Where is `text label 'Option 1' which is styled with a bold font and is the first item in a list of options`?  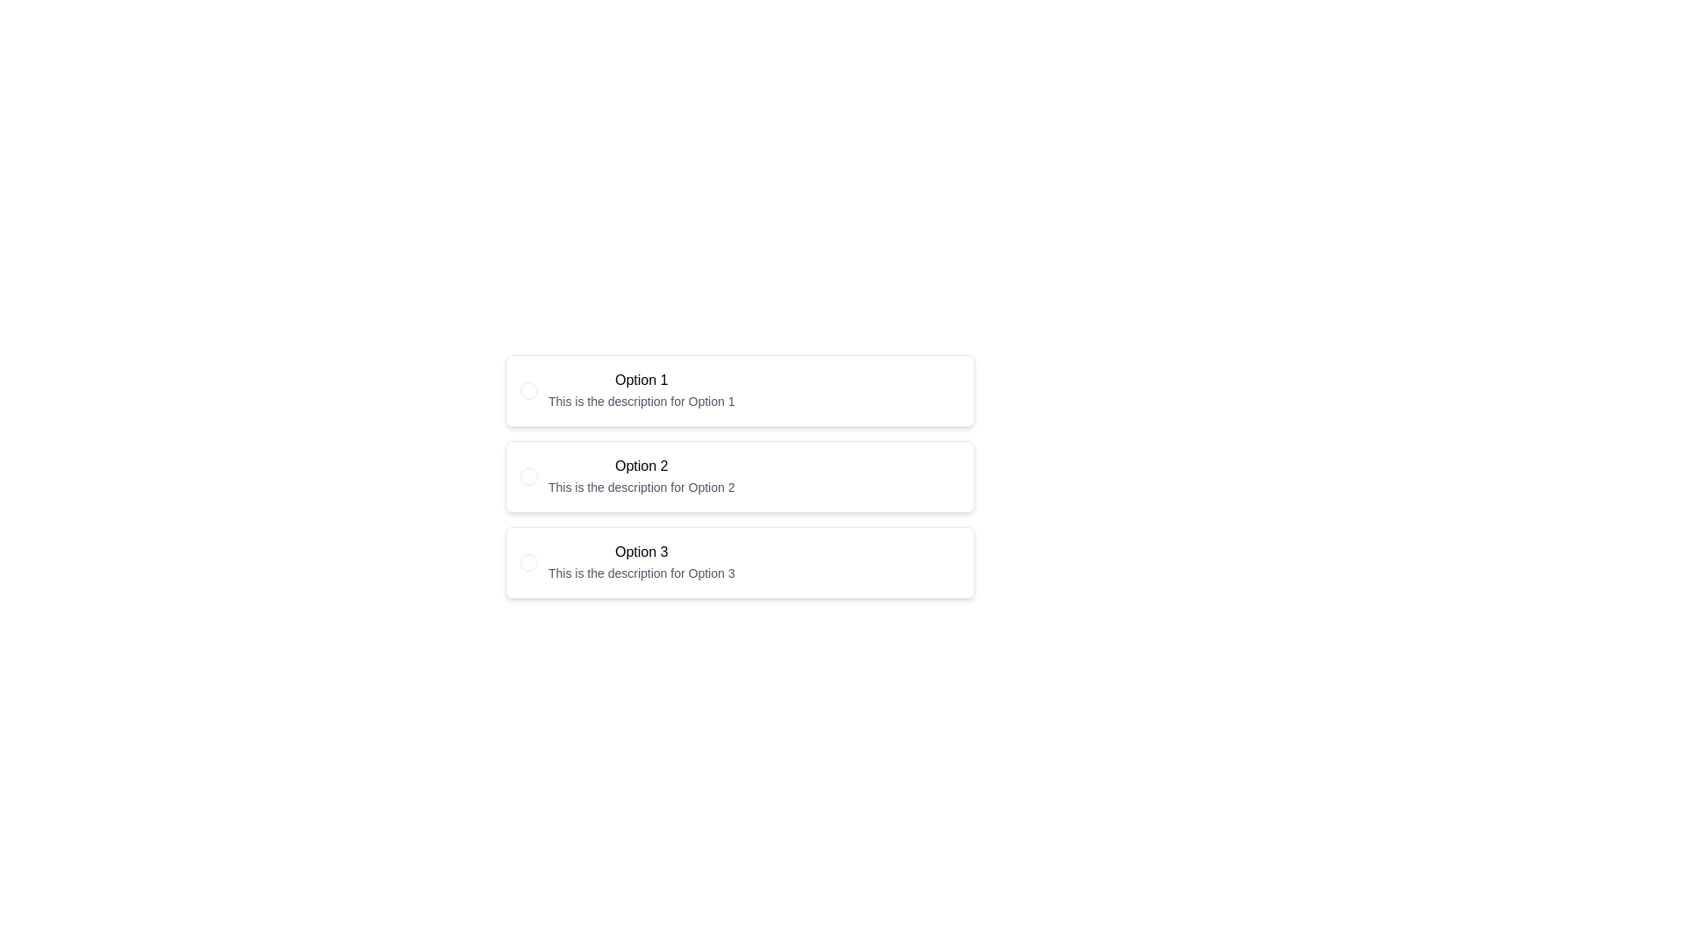 text label 'Option 1' which is styled with a bold font and is the first item in a list of options is located at coordinates (641, 380).